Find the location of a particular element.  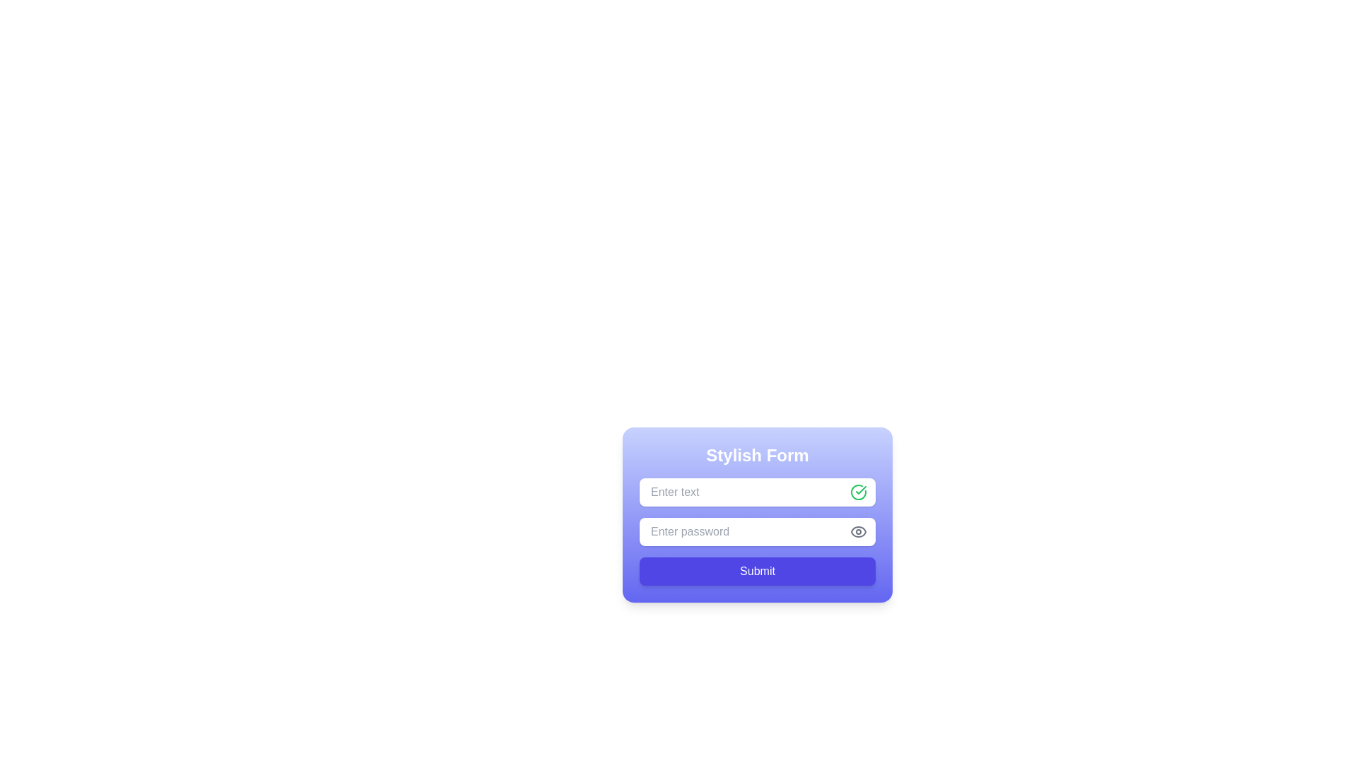

the password input field located below the 'Enter text' field and above the 'Submit' button by using the tab key is located at coordinates (756, 531).